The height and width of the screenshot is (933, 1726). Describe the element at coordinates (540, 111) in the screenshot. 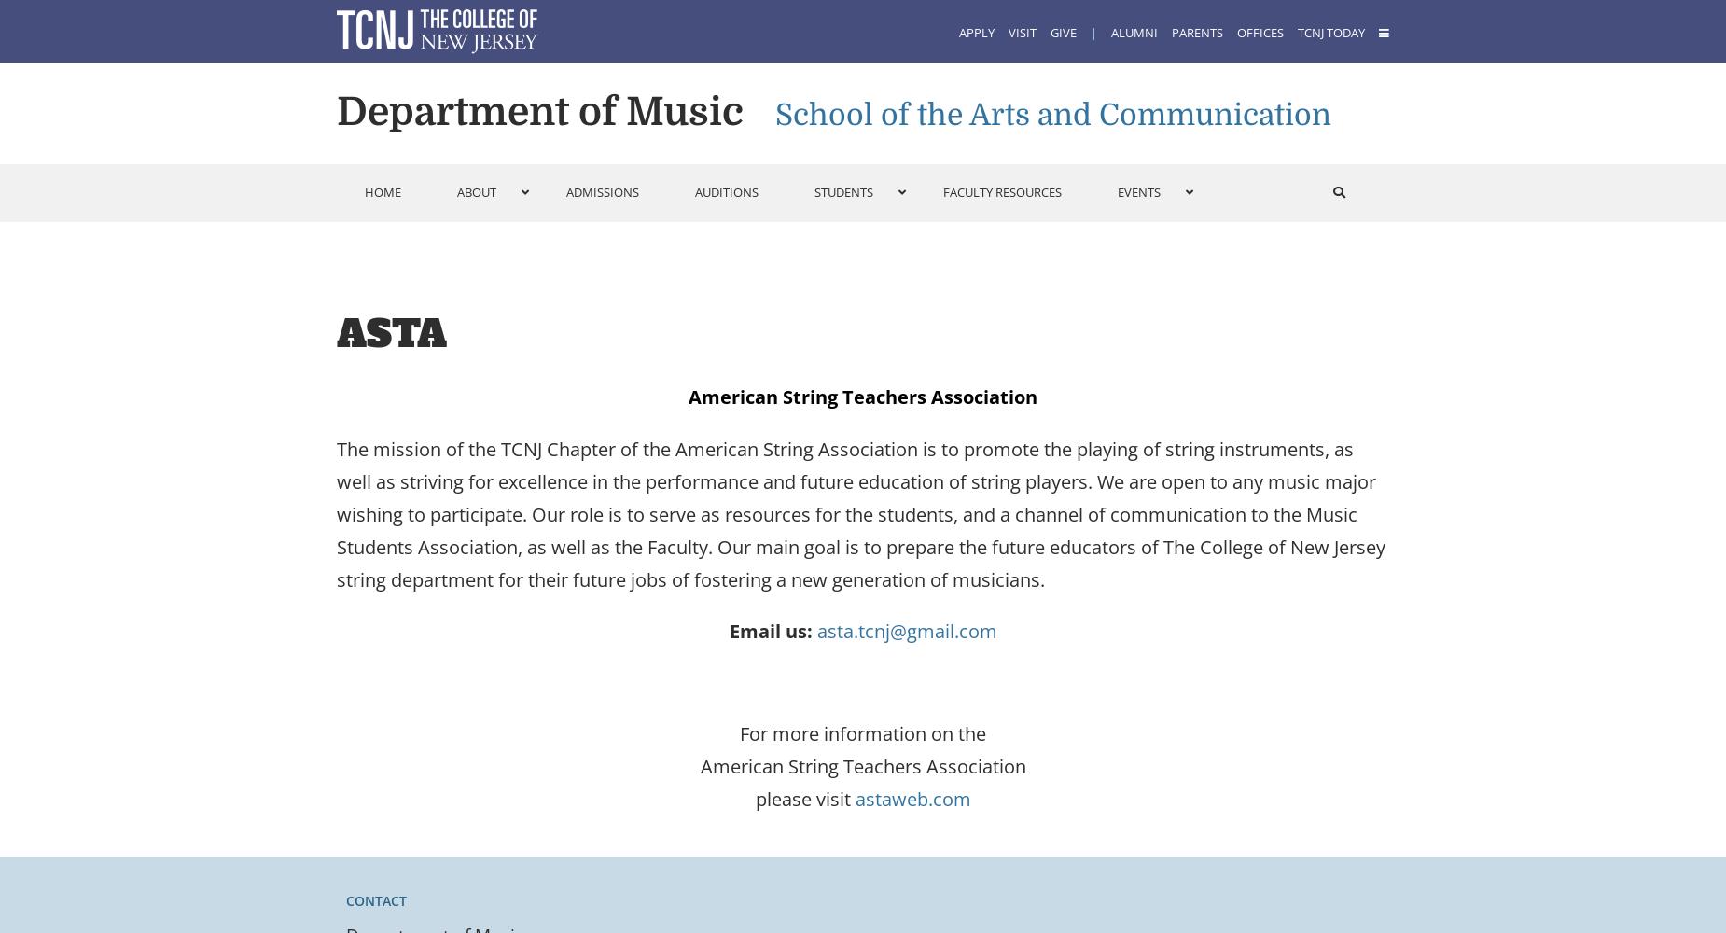

I see `'Department of Music'` at that location.